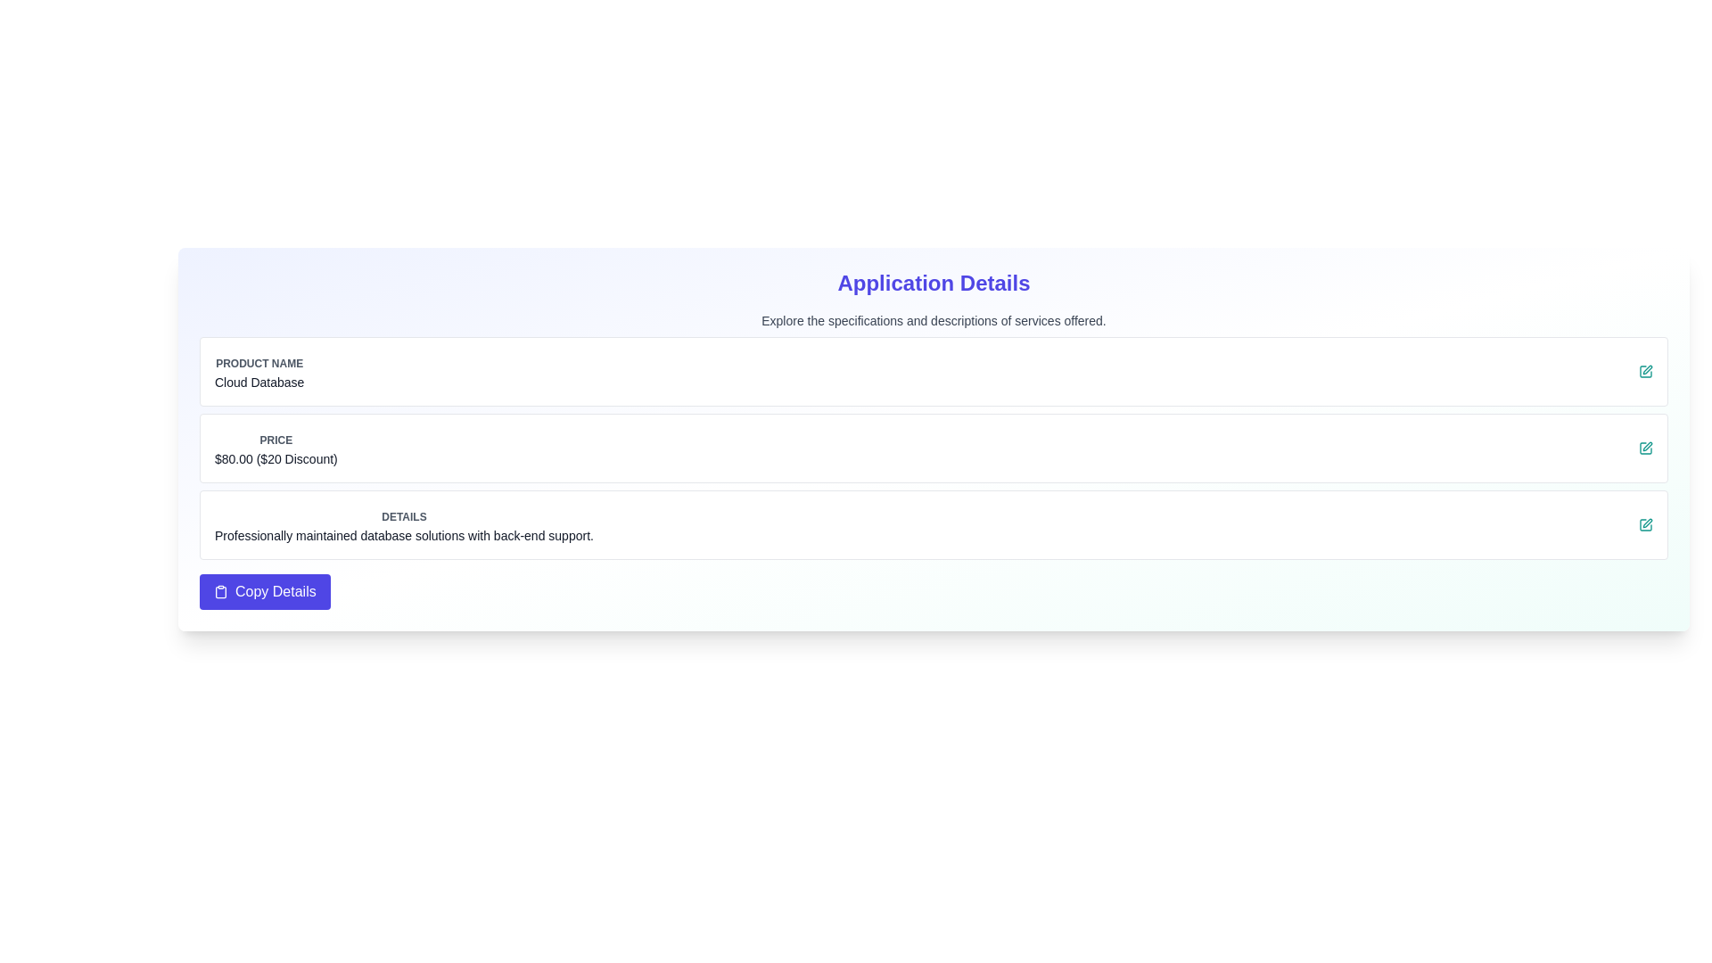 This screenshot has width=1712, height=963. I want to click on the price text block that displays the product price and discounts, located centrally below the 'PRODUCT NAME' section and above the 'DETAILS' section, so click(275, 447).